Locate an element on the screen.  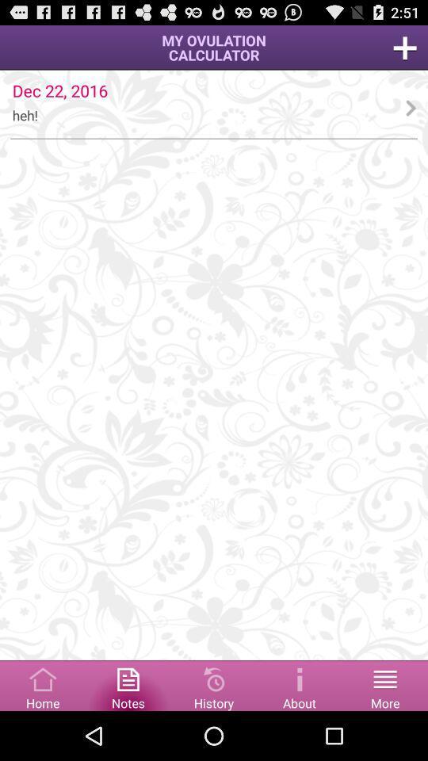
history page is located at coordinates (214, 684).